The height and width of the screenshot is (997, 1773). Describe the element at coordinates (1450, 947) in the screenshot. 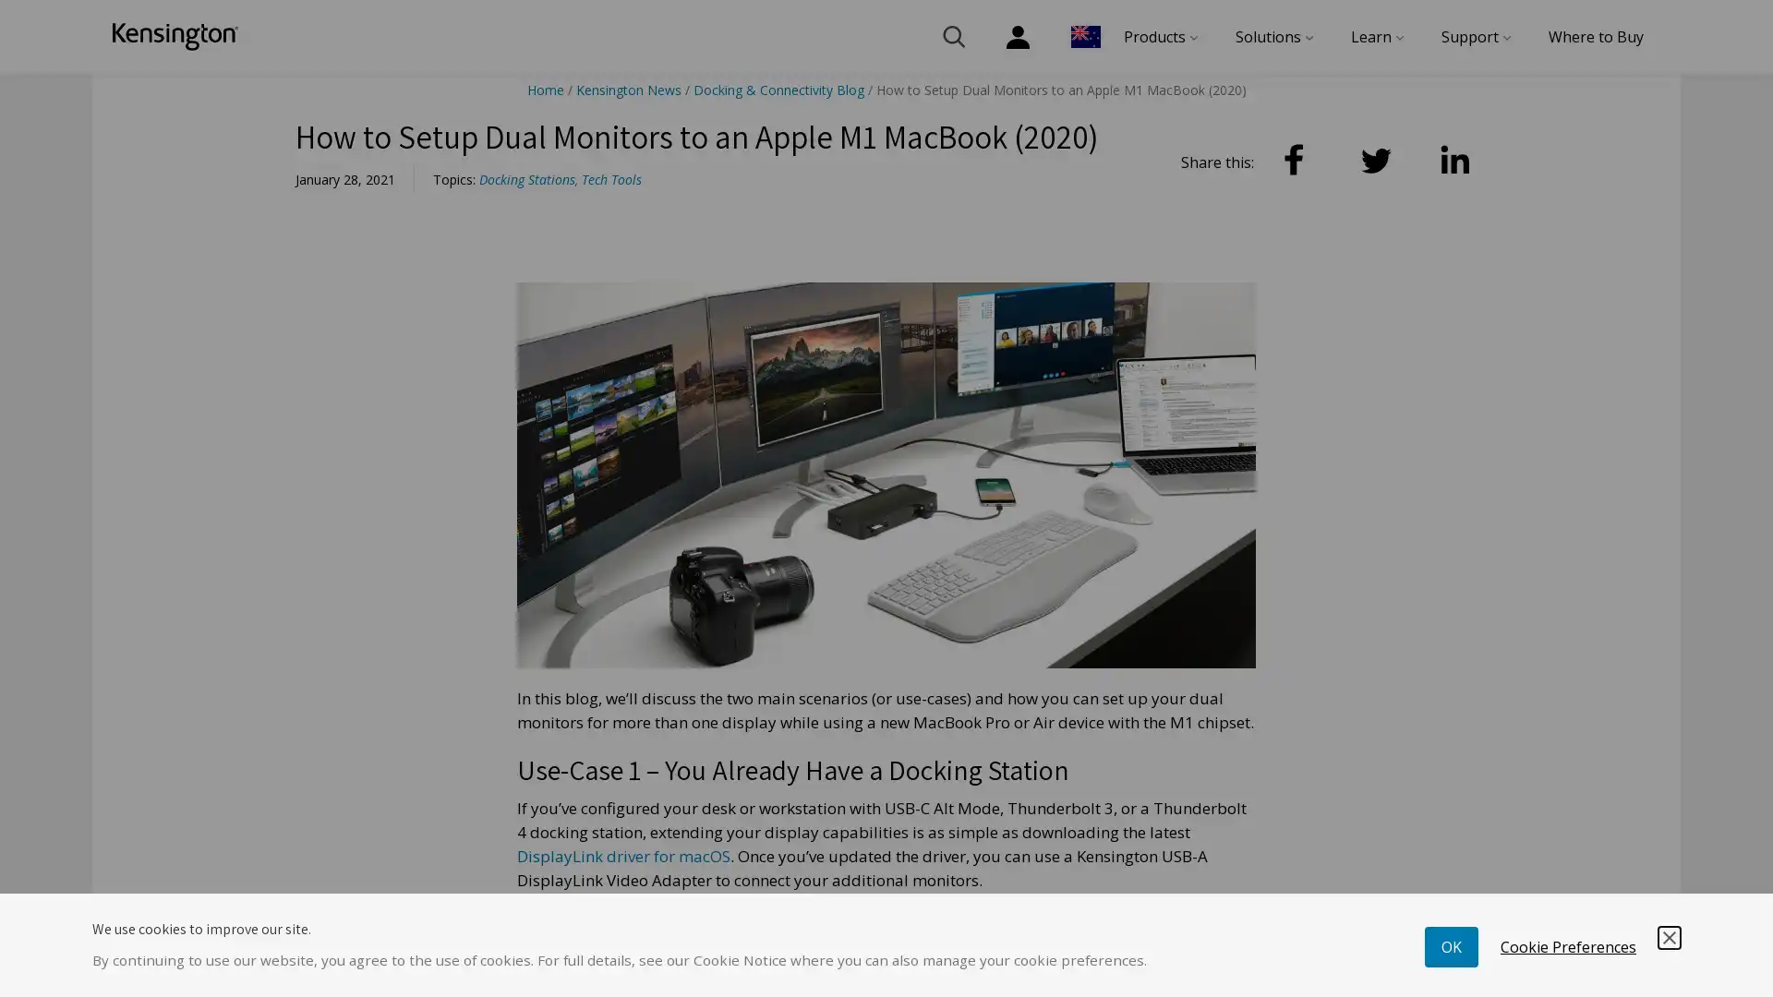

I see `OK` at that location.